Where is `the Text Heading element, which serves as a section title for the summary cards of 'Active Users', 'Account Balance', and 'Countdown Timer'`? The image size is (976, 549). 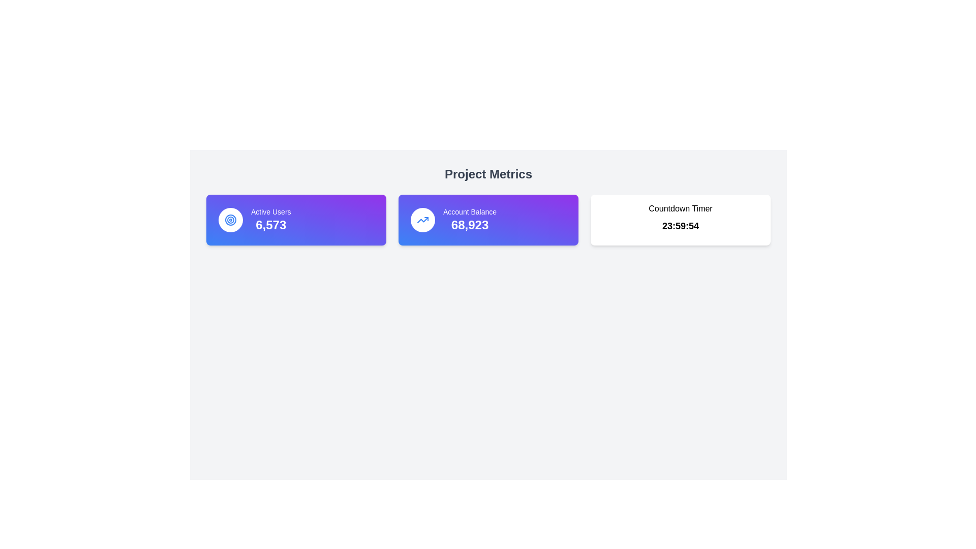
the Text Heading element, which serves as a section title for the summary cards of 'Active Users', 'Account Balance', and 'Countdown Timer' is located at coordinates (488, 174).